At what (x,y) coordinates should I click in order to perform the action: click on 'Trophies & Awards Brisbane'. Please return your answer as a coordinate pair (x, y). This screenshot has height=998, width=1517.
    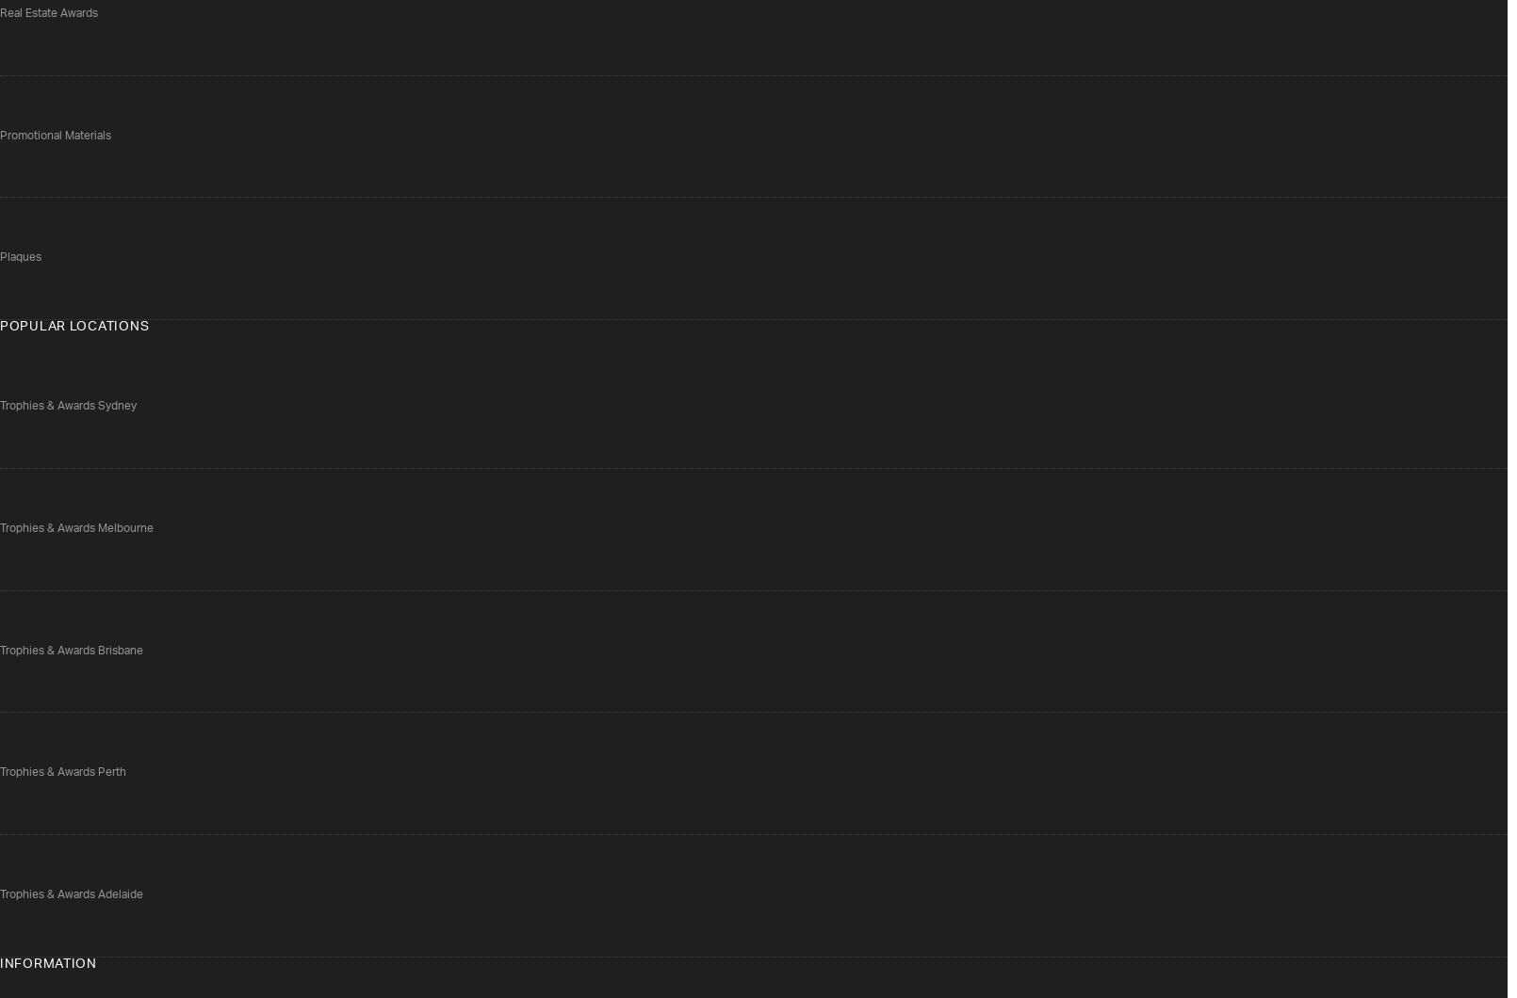
    Looking at the image, I should click on (70, 649).